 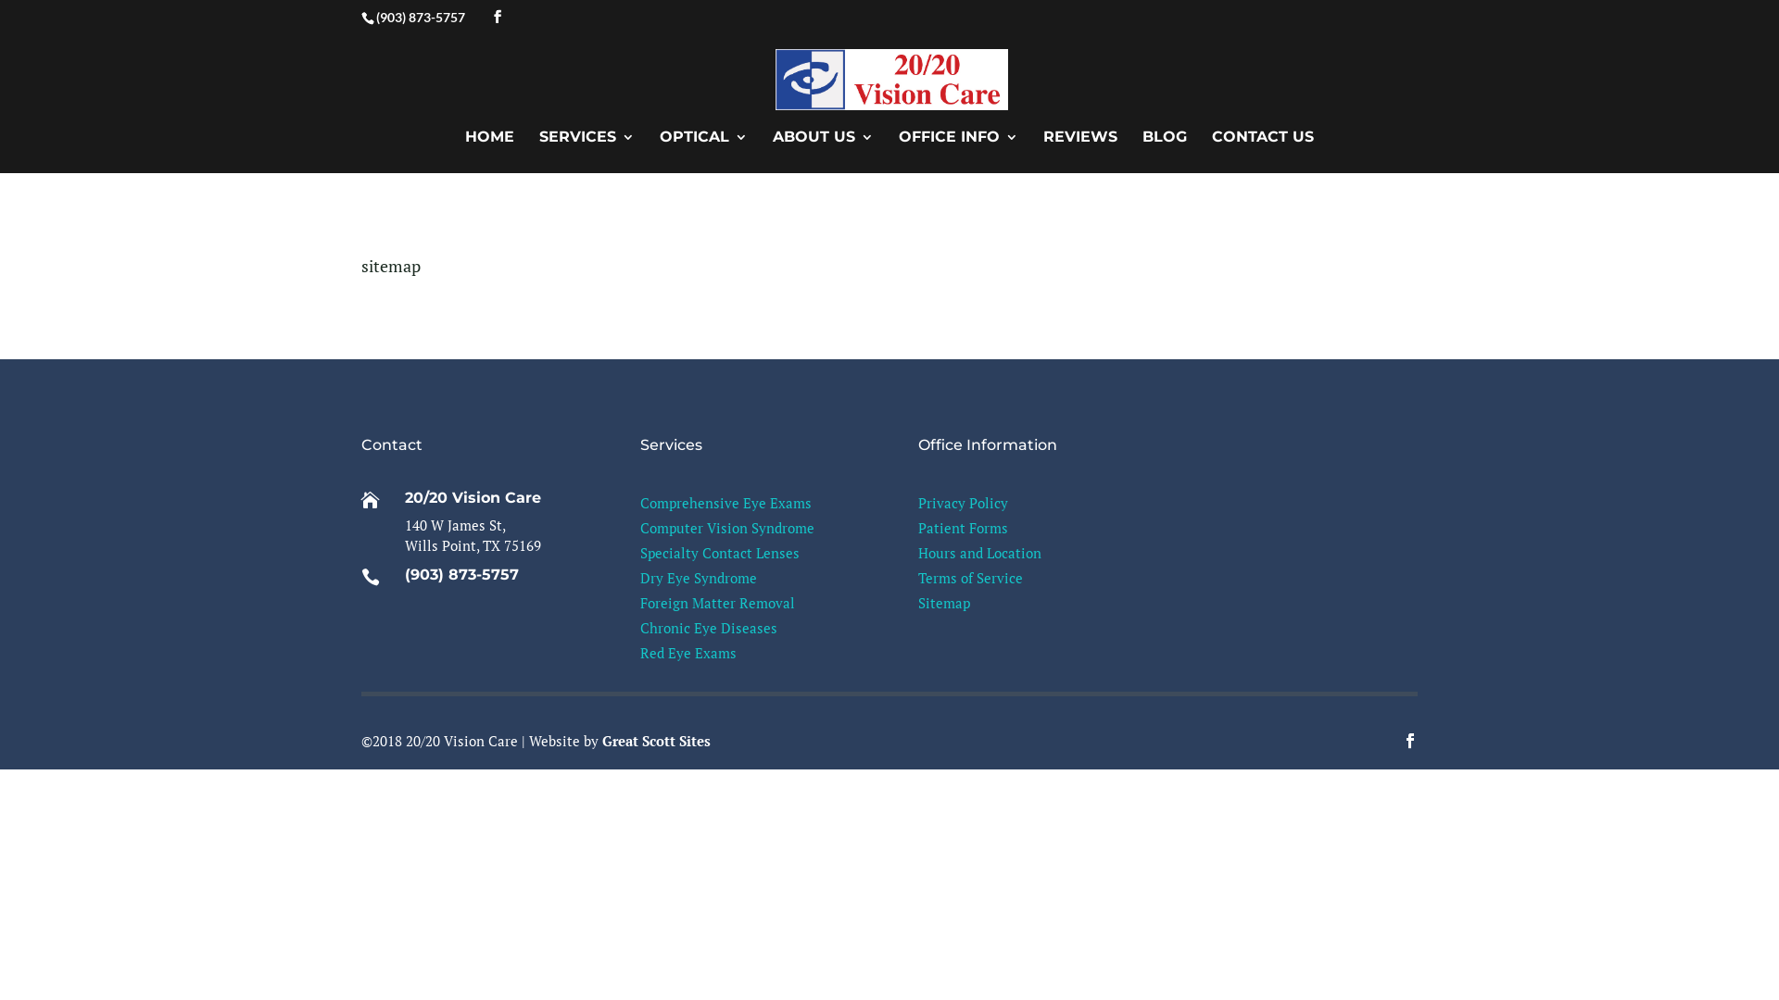 What do you see at coordinates (1164, 151) in the screenshot?
I see `'BLOG'` at bounding box center [1164, 151].